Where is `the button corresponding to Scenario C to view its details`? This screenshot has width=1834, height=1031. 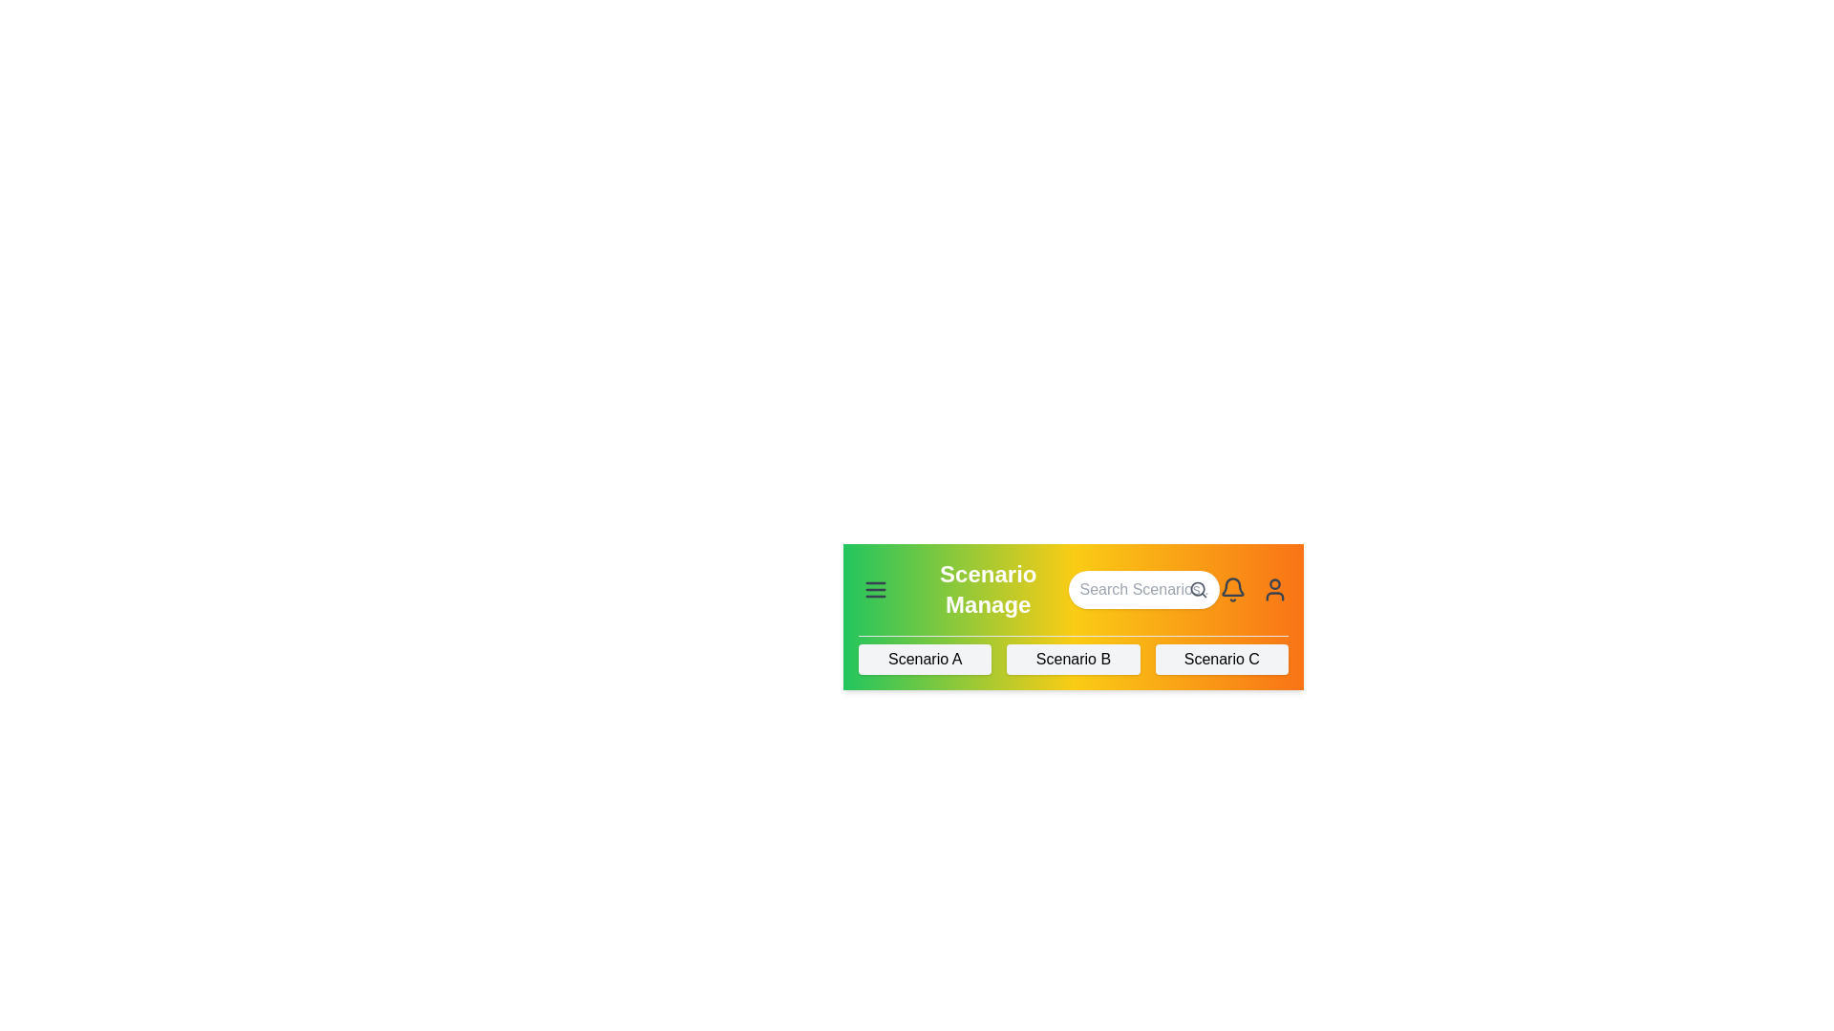 the button corresponding to Scenario C to view its details is located at coordinates (1221, 658).